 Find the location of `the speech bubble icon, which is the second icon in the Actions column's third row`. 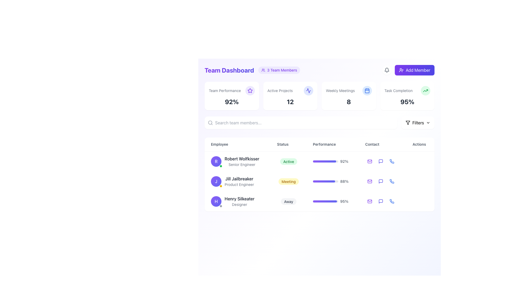

the speech bubble icon, which is the second icon in the Actions column's third row is located at coordinates (381, 201).